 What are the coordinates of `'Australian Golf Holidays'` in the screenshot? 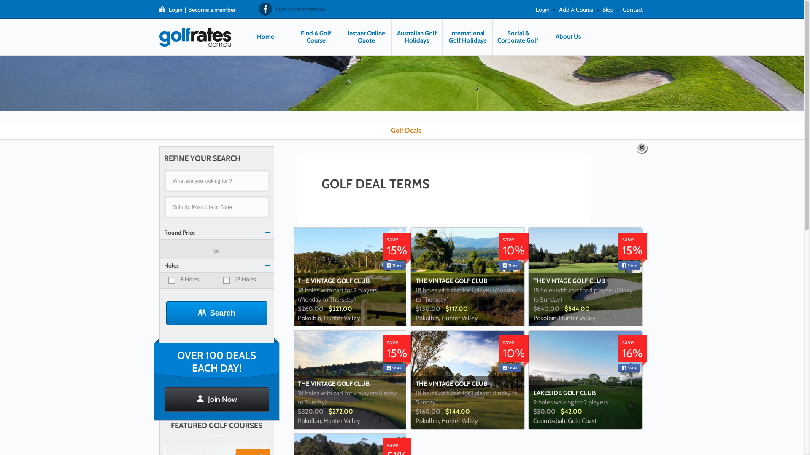 It's located at (391, 36).